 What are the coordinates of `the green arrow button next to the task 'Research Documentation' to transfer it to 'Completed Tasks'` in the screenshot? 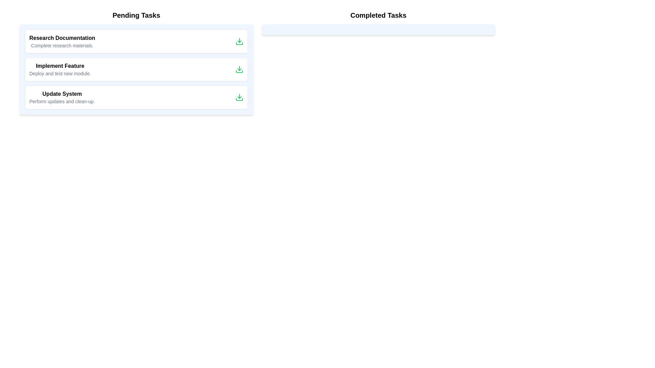 It's located at (239, 42).